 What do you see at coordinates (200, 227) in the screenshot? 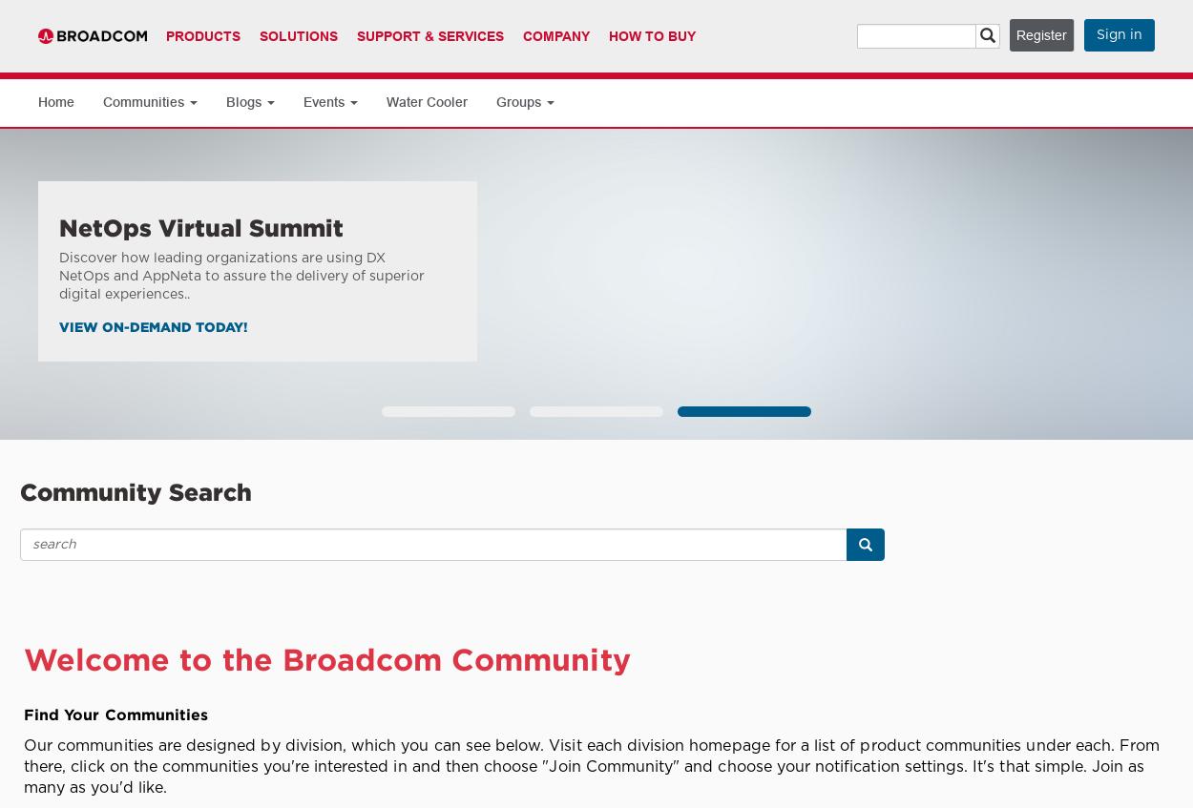
I see `'NetOps Virtual Summit'` at bounding box center [200, 227].